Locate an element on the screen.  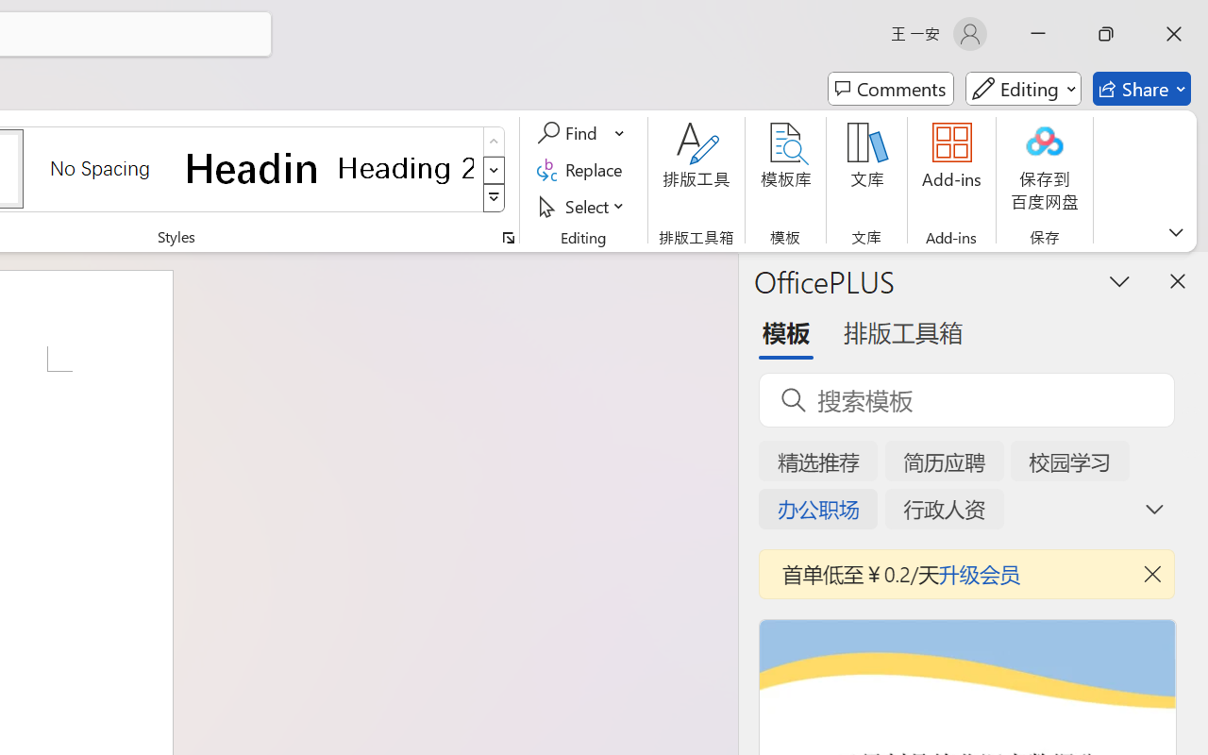
'Find' is located at coordinates (580, 133).